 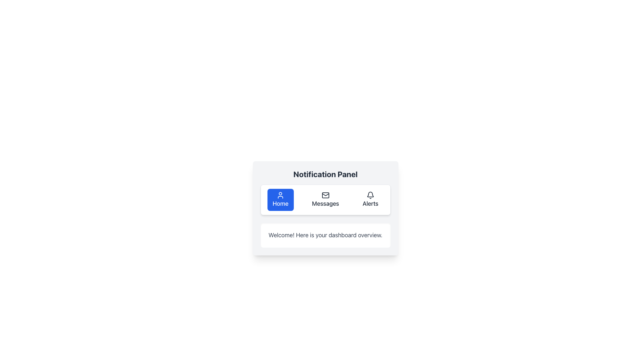 What do you see at coordinates (370, 203) in the screenshot?
I see `the text label reading 'Alerts', which is styled in a dark font color and is the third item in a horizontal navigation menu, positioned next to the 'Messages' item` at bounding box center [370, 203].